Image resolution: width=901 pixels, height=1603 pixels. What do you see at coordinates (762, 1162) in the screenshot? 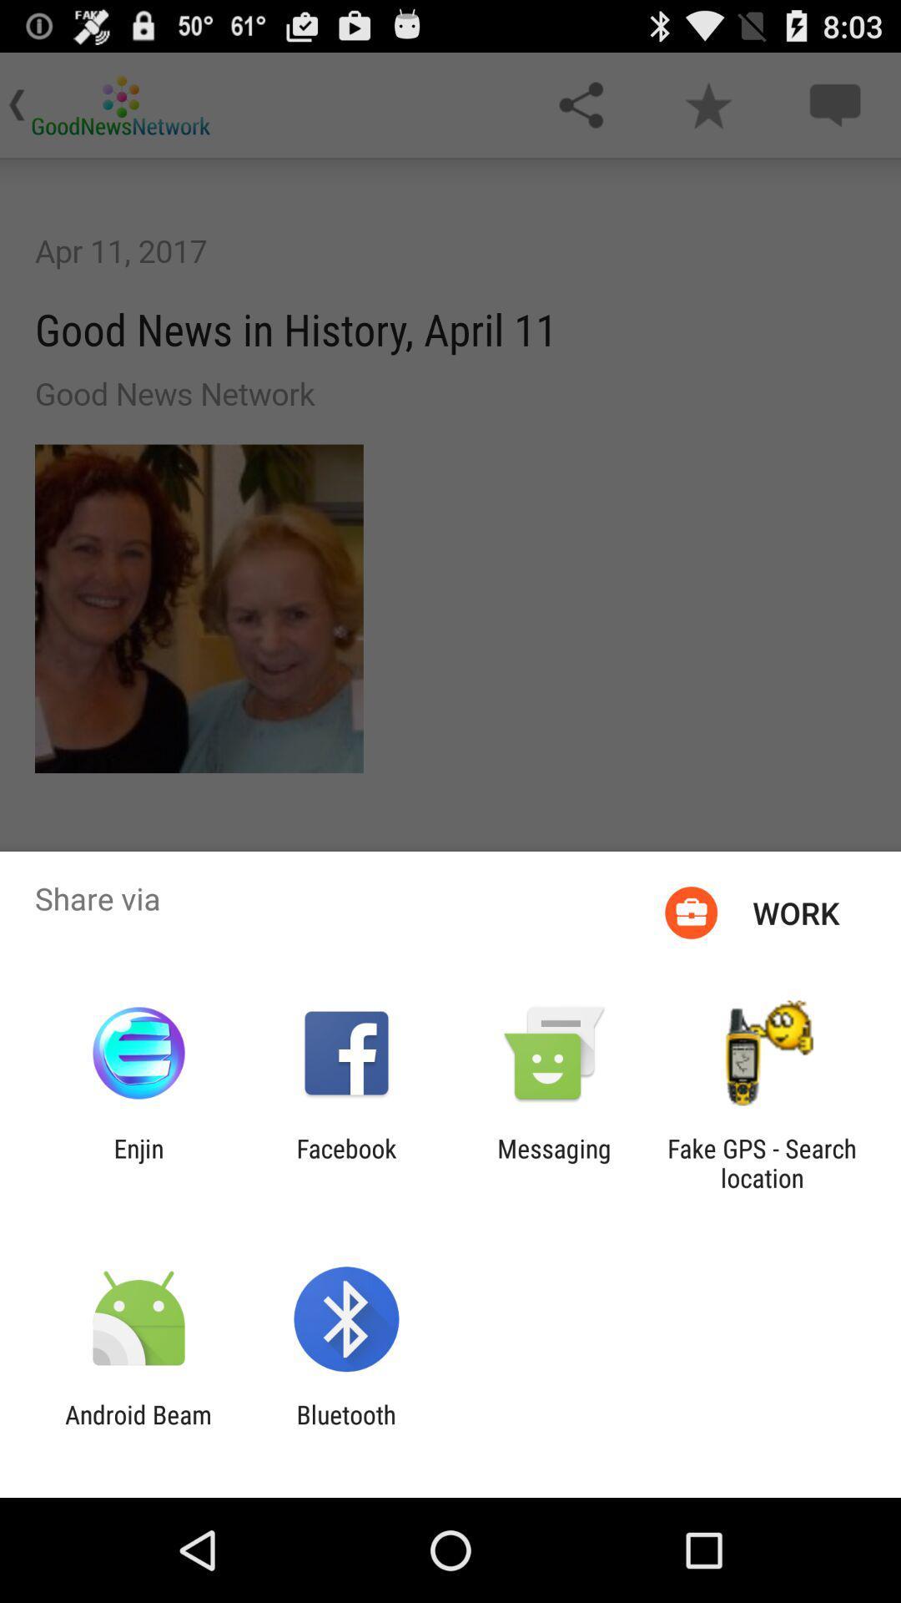
I see `the fake gps search item` at bounding box center [762, 1162].